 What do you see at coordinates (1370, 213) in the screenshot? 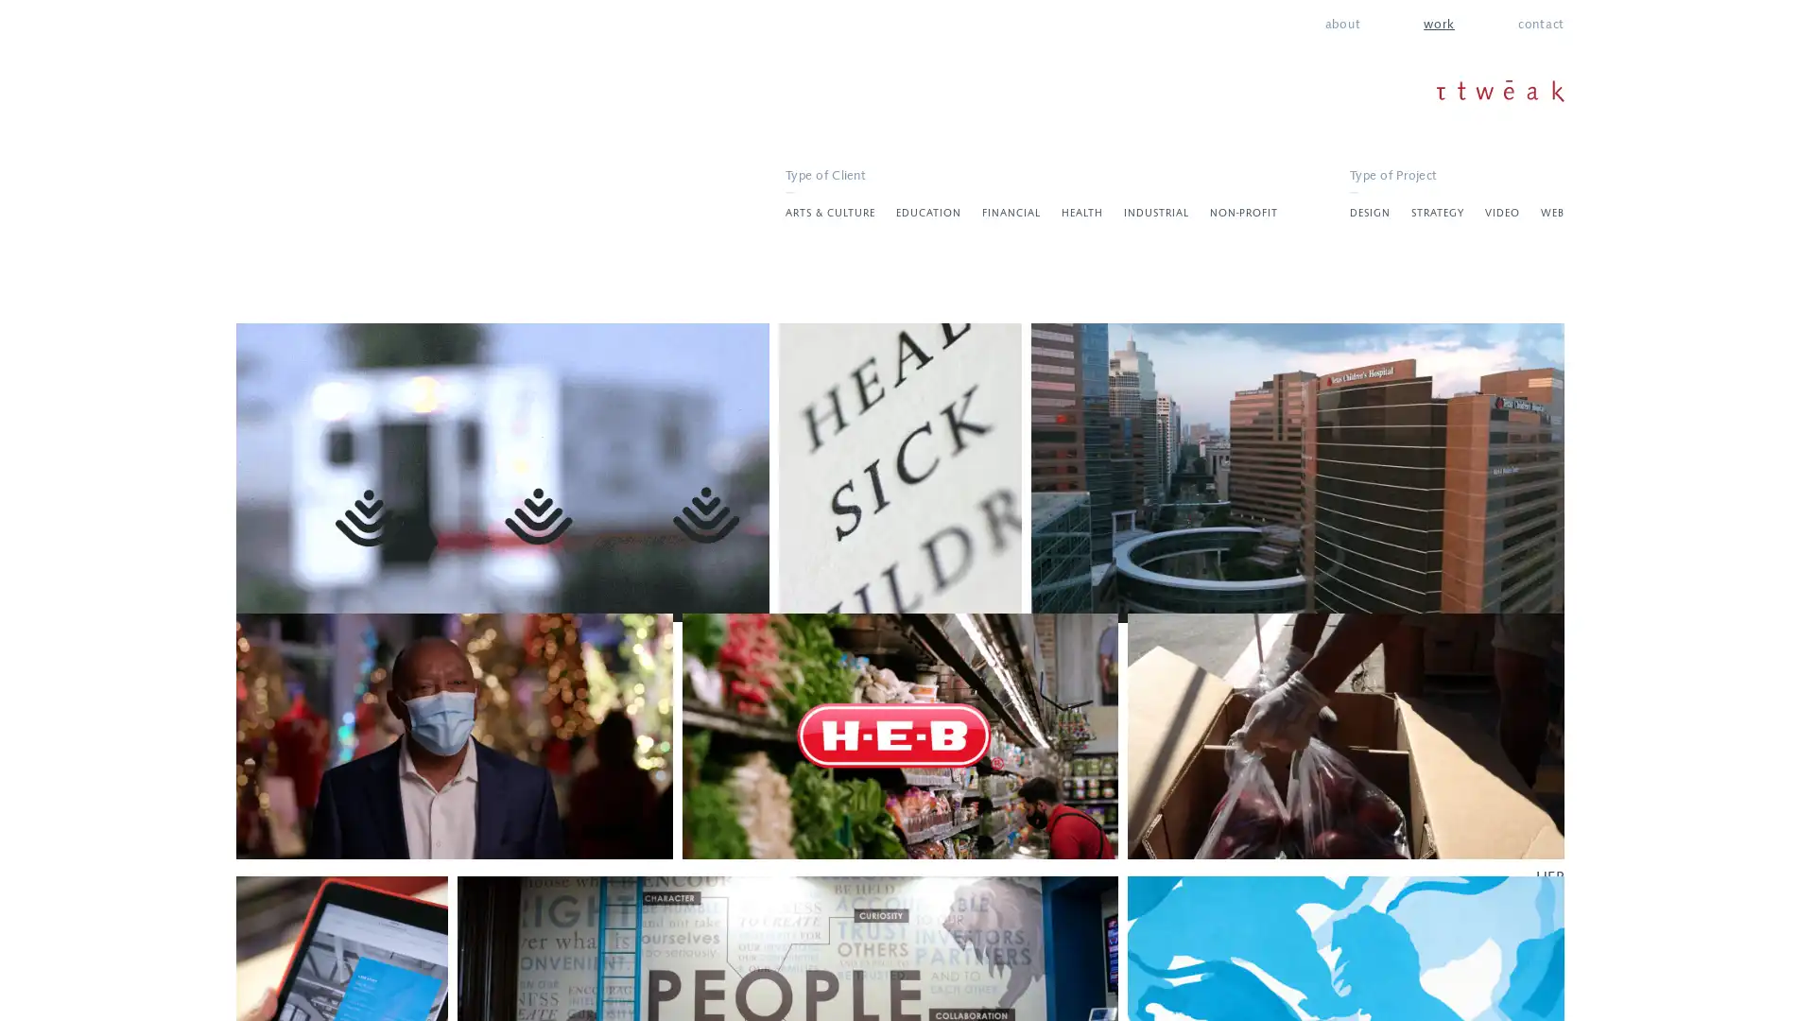
I see `DESIGN` at bounding box center [1370, 213].